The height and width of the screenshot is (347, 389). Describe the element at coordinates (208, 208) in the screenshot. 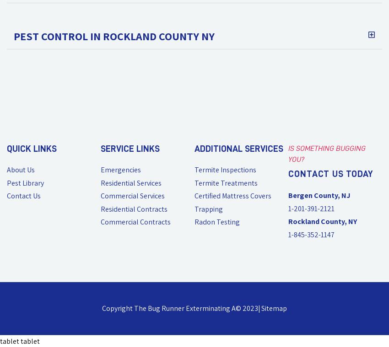

I see `'Trapping'` at that location.